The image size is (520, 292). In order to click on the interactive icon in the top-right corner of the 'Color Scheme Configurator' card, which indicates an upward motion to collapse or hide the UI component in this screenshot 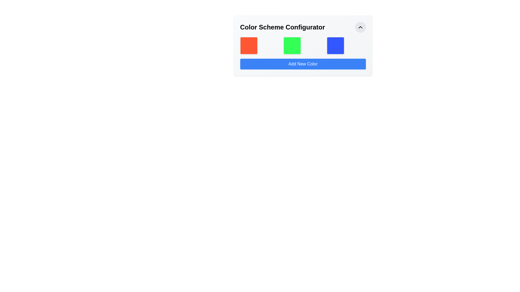, I will do `click(360, 27)`.